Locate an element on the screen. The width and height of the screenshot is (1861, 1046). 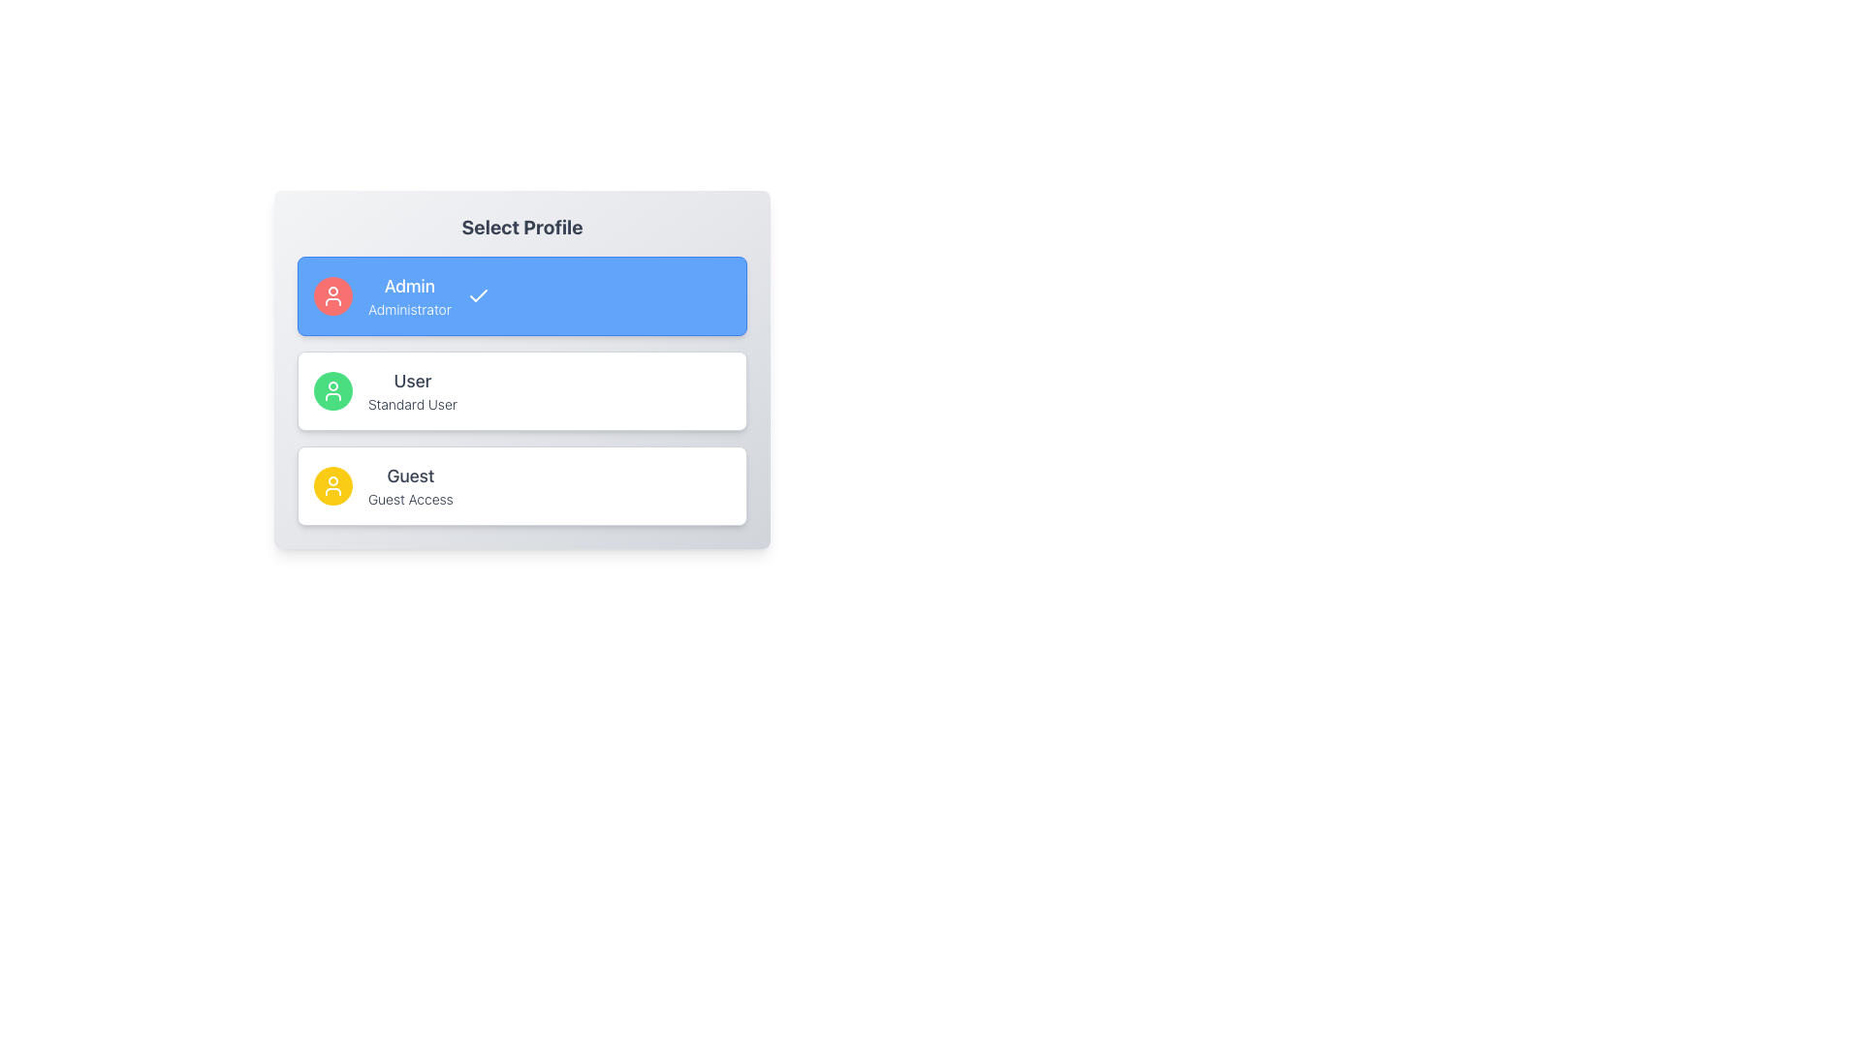
the 'Guest' profile icon located is located at coordinates (333, 484).